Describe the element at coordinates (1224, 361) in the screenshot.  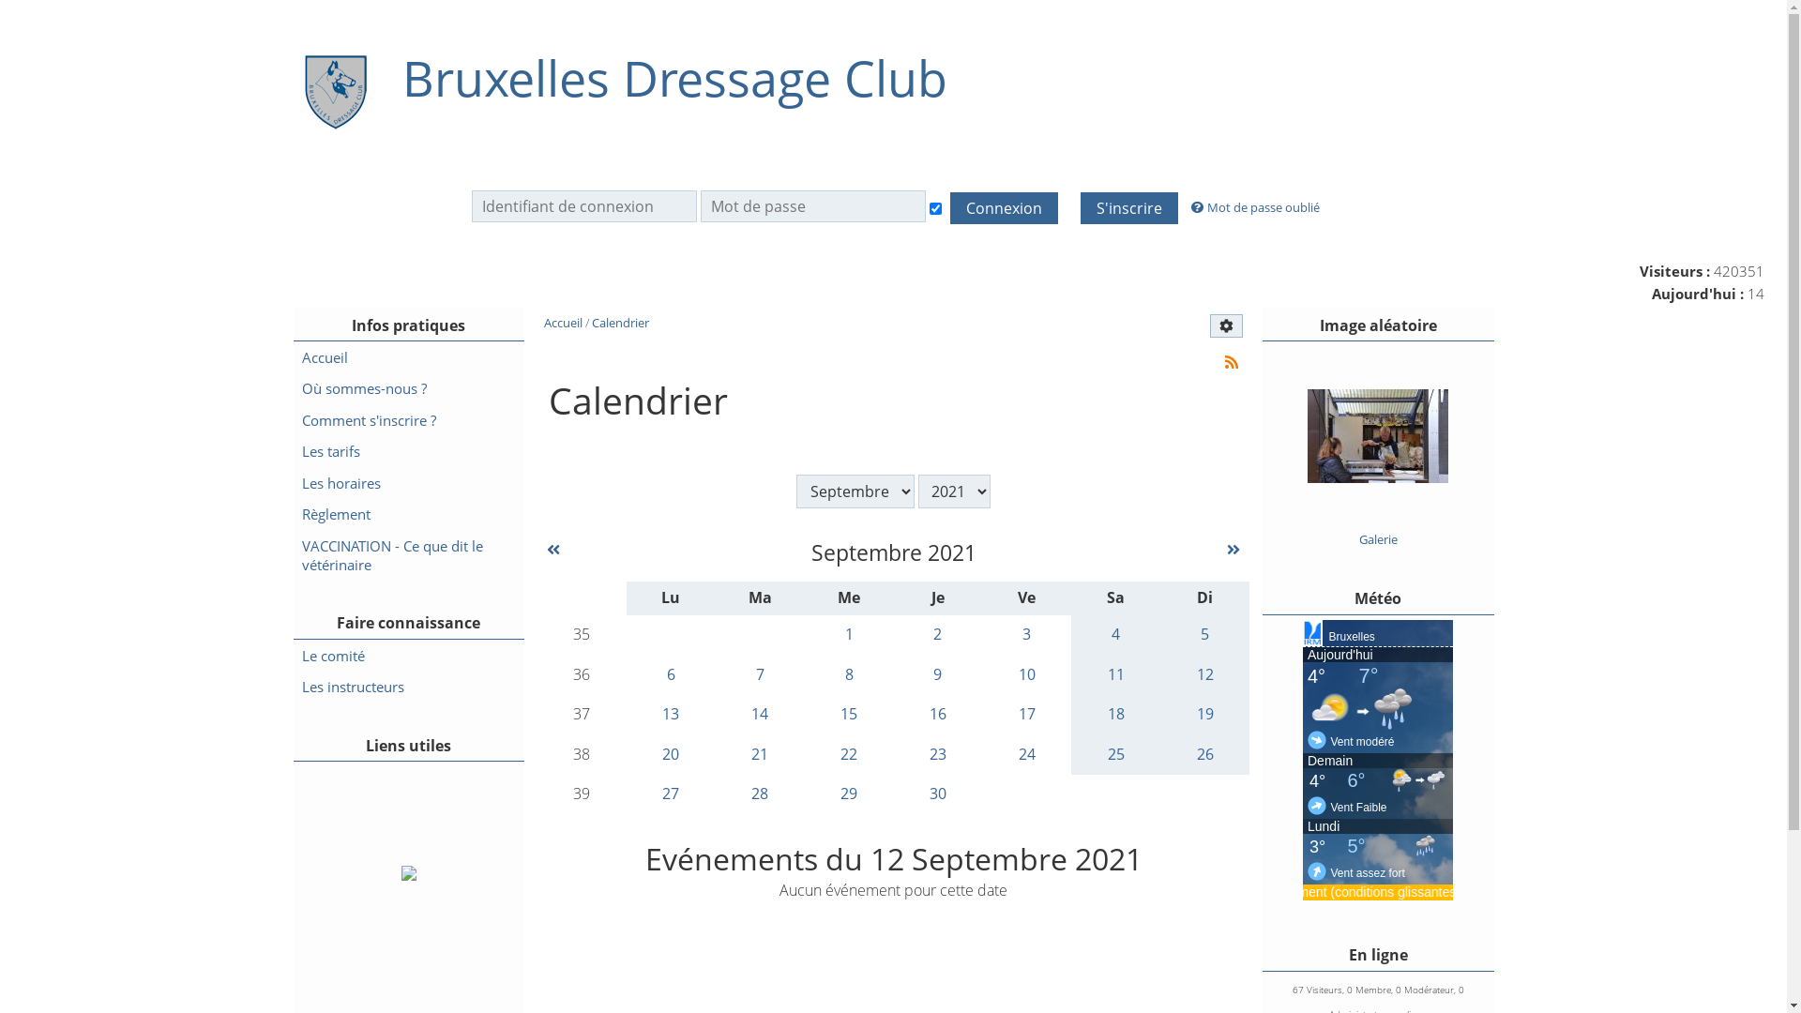
I see `'Syndication'` at that location.